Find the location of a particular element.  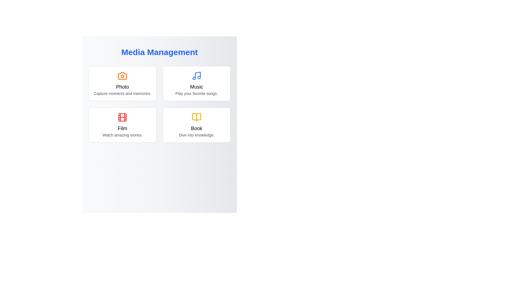

text label that says 'Dive into knowledge.' located below the 'Book' heading in the fourth card of the grid layout is located at coordinates (196, 135).